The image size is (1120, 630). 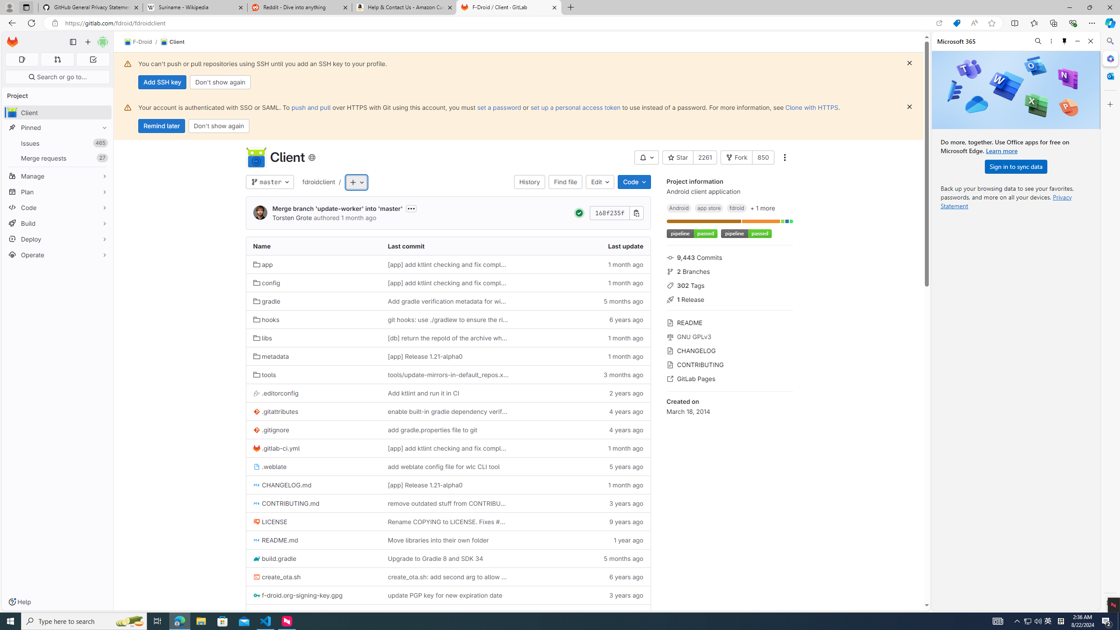 What do you see at coordinates (87, 42) in the screenshot?
I see `'Create new...'` at bounding box center [87, 42].